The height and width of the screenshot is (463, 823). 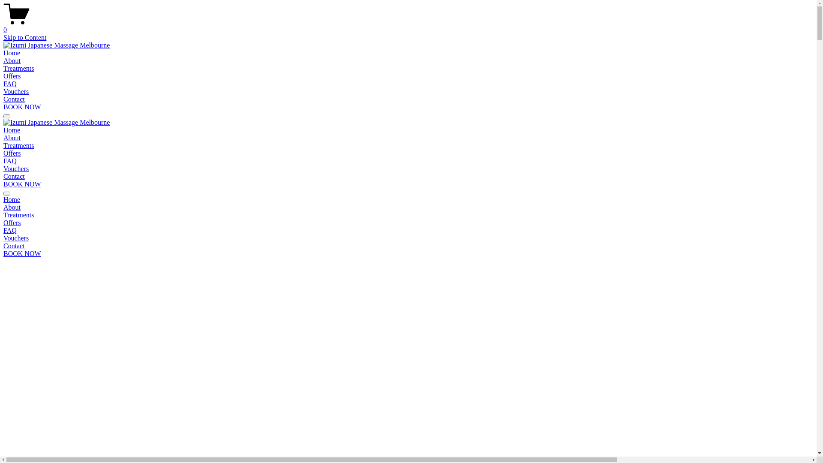 I want to click on 'Home', so click(x=12, y=53).